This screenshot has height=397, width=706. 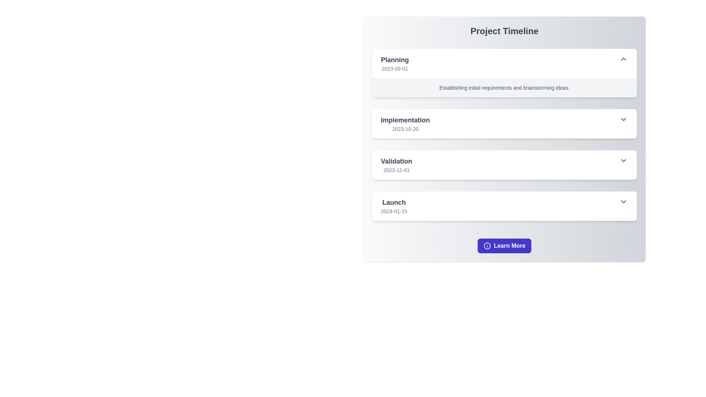 What do you see at coordinates (623, 119) in the screenshot?
I see `the toggle button icon located in the top-right corner of the 'Implementation' section of the 'Project Timeline' interface` at bounding box center [623, 119].